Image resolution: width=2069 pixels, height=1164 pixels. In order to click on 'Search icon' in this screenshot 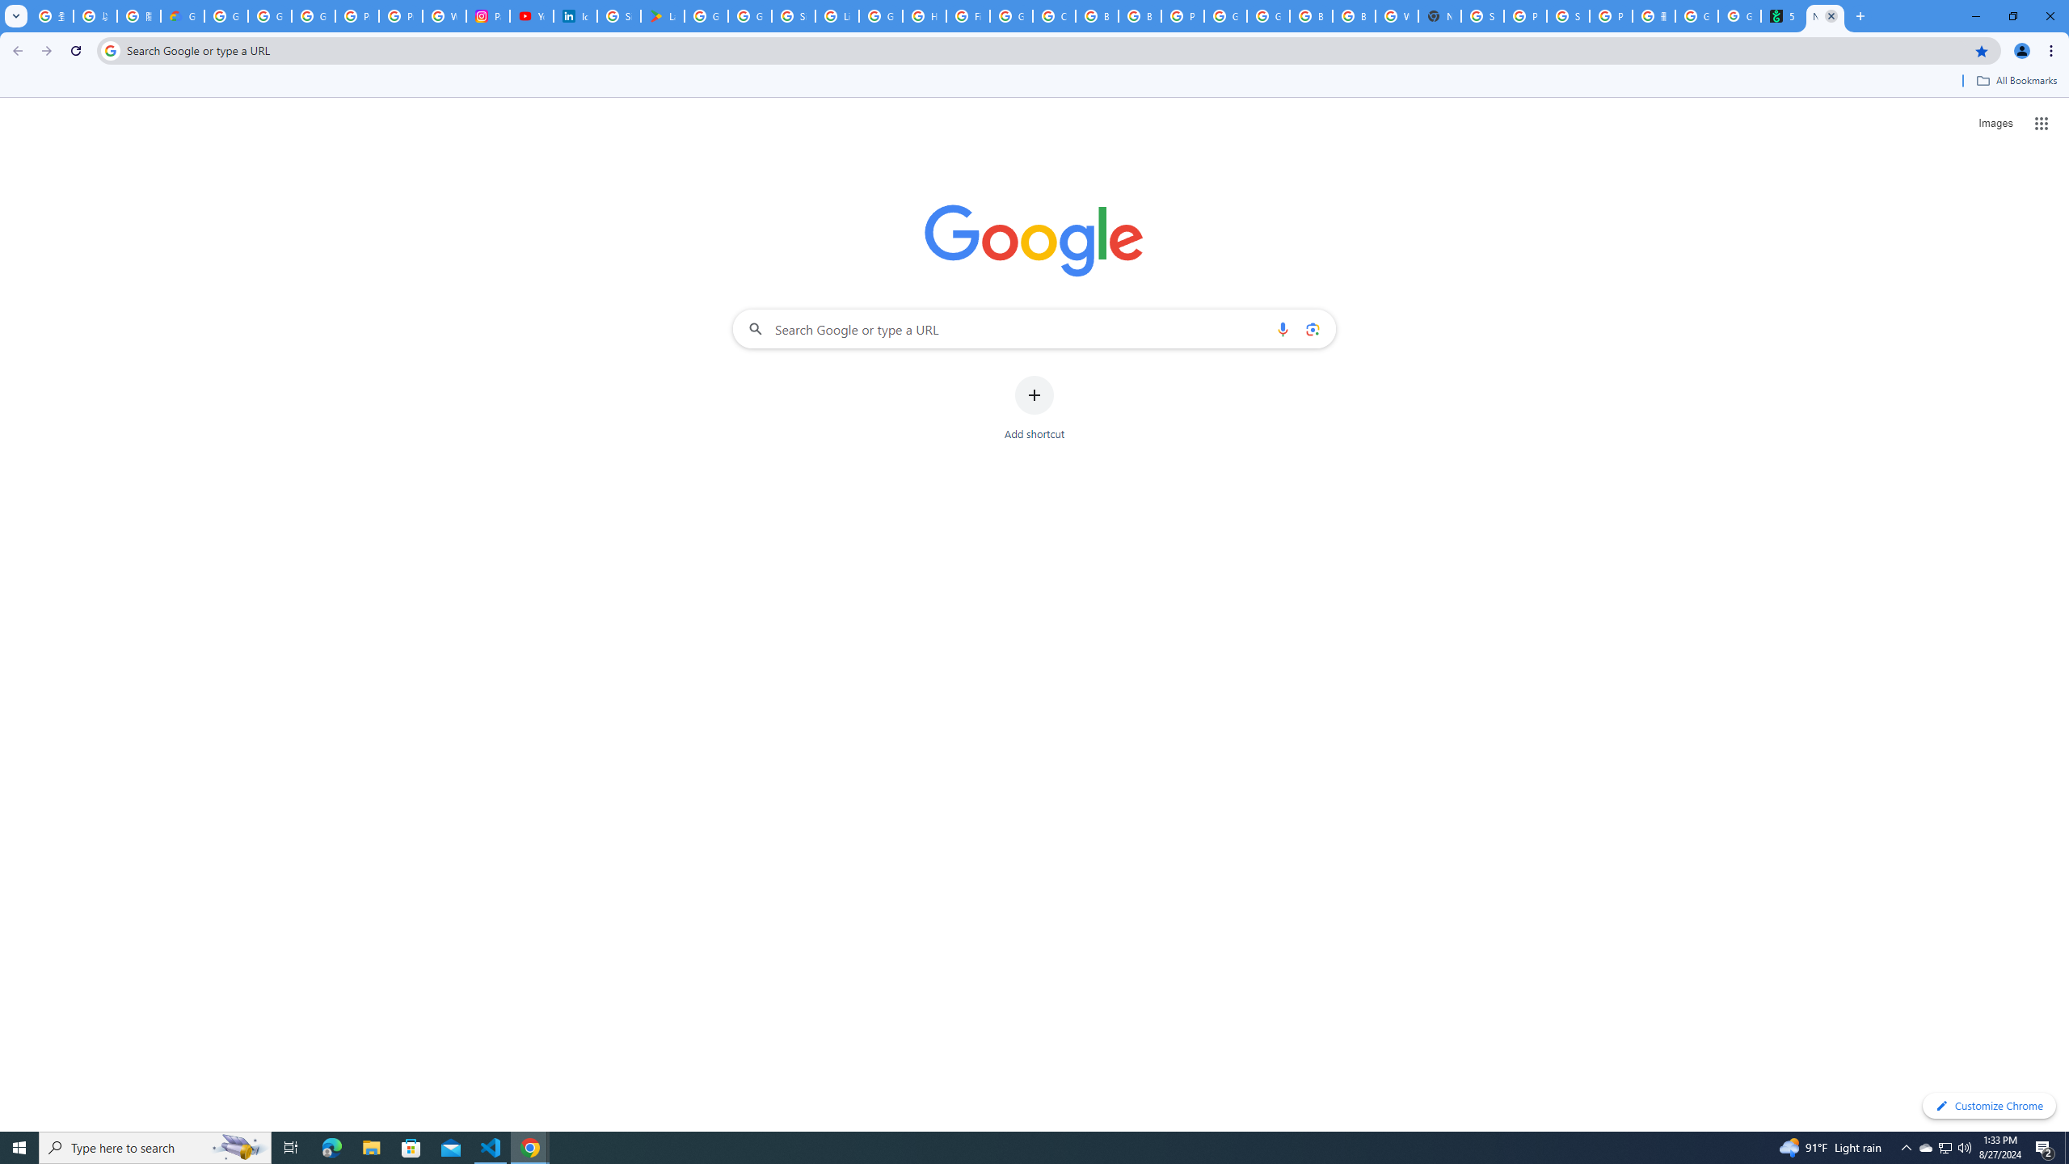, I will do `click(109, 49)`.